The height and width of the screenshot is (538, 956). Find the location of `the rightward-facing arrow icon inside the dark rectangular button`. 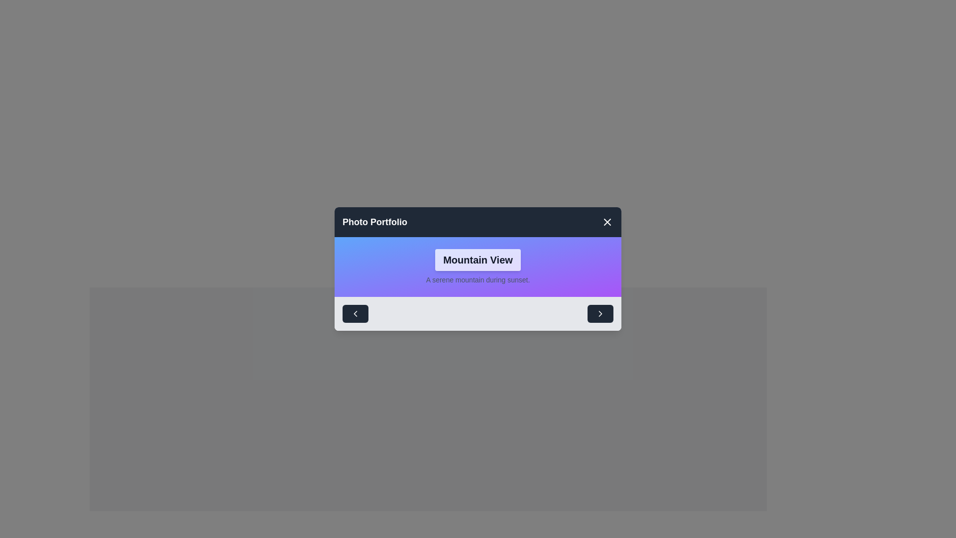

the rightward-facing arrow icon inside the dark rectangular button is located at coordinates (599, 313).